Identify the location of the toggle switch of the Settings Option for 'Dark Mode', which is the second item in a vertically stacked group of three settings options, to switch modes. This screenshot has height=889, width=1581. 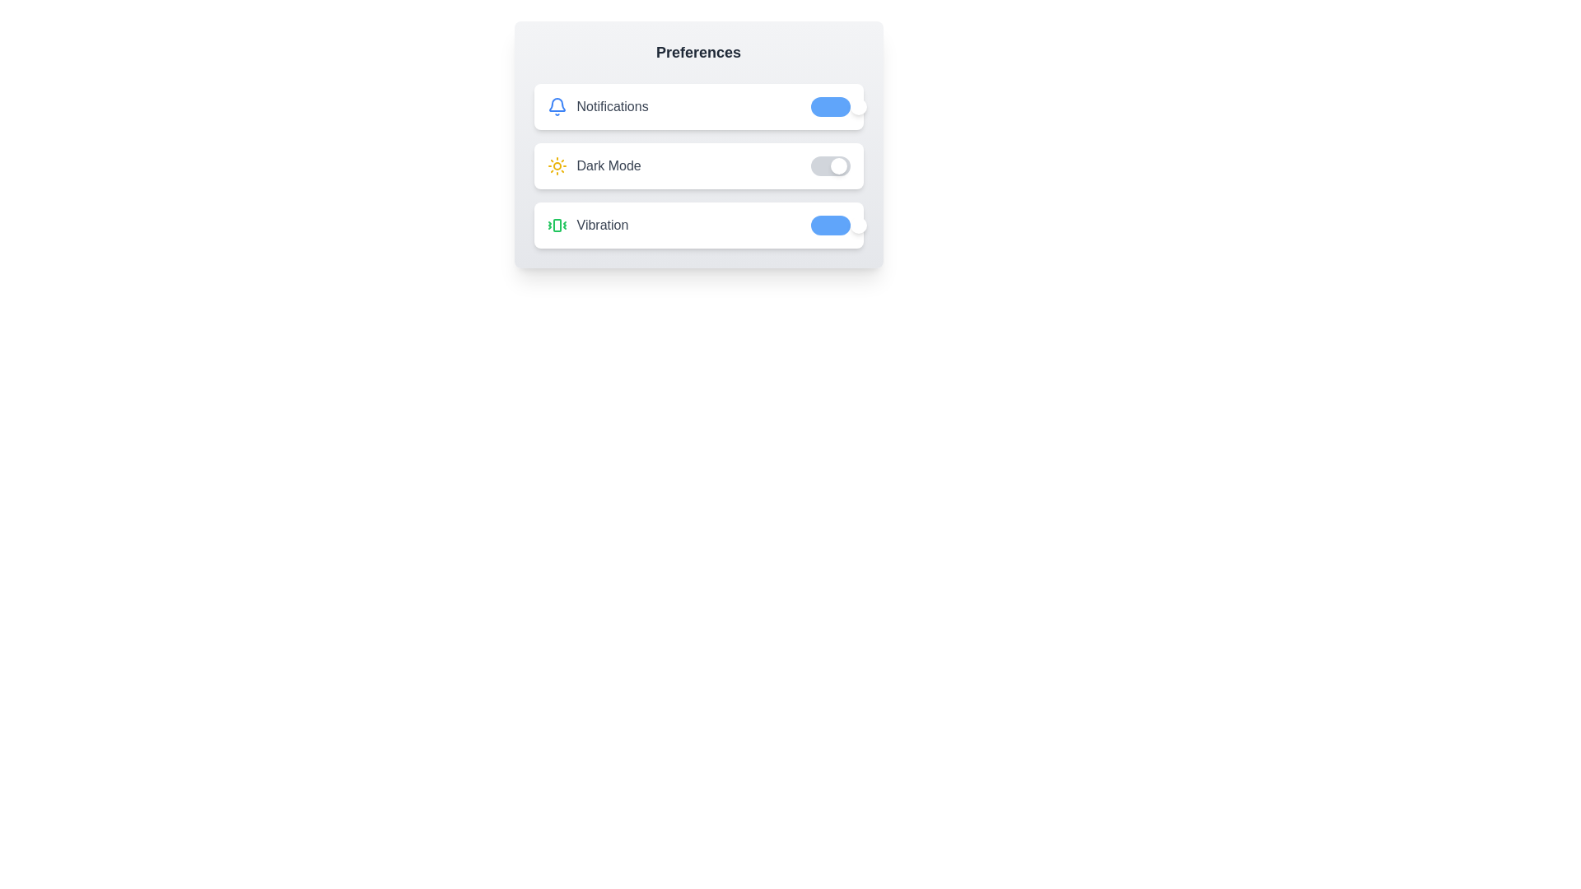
(698, 165).